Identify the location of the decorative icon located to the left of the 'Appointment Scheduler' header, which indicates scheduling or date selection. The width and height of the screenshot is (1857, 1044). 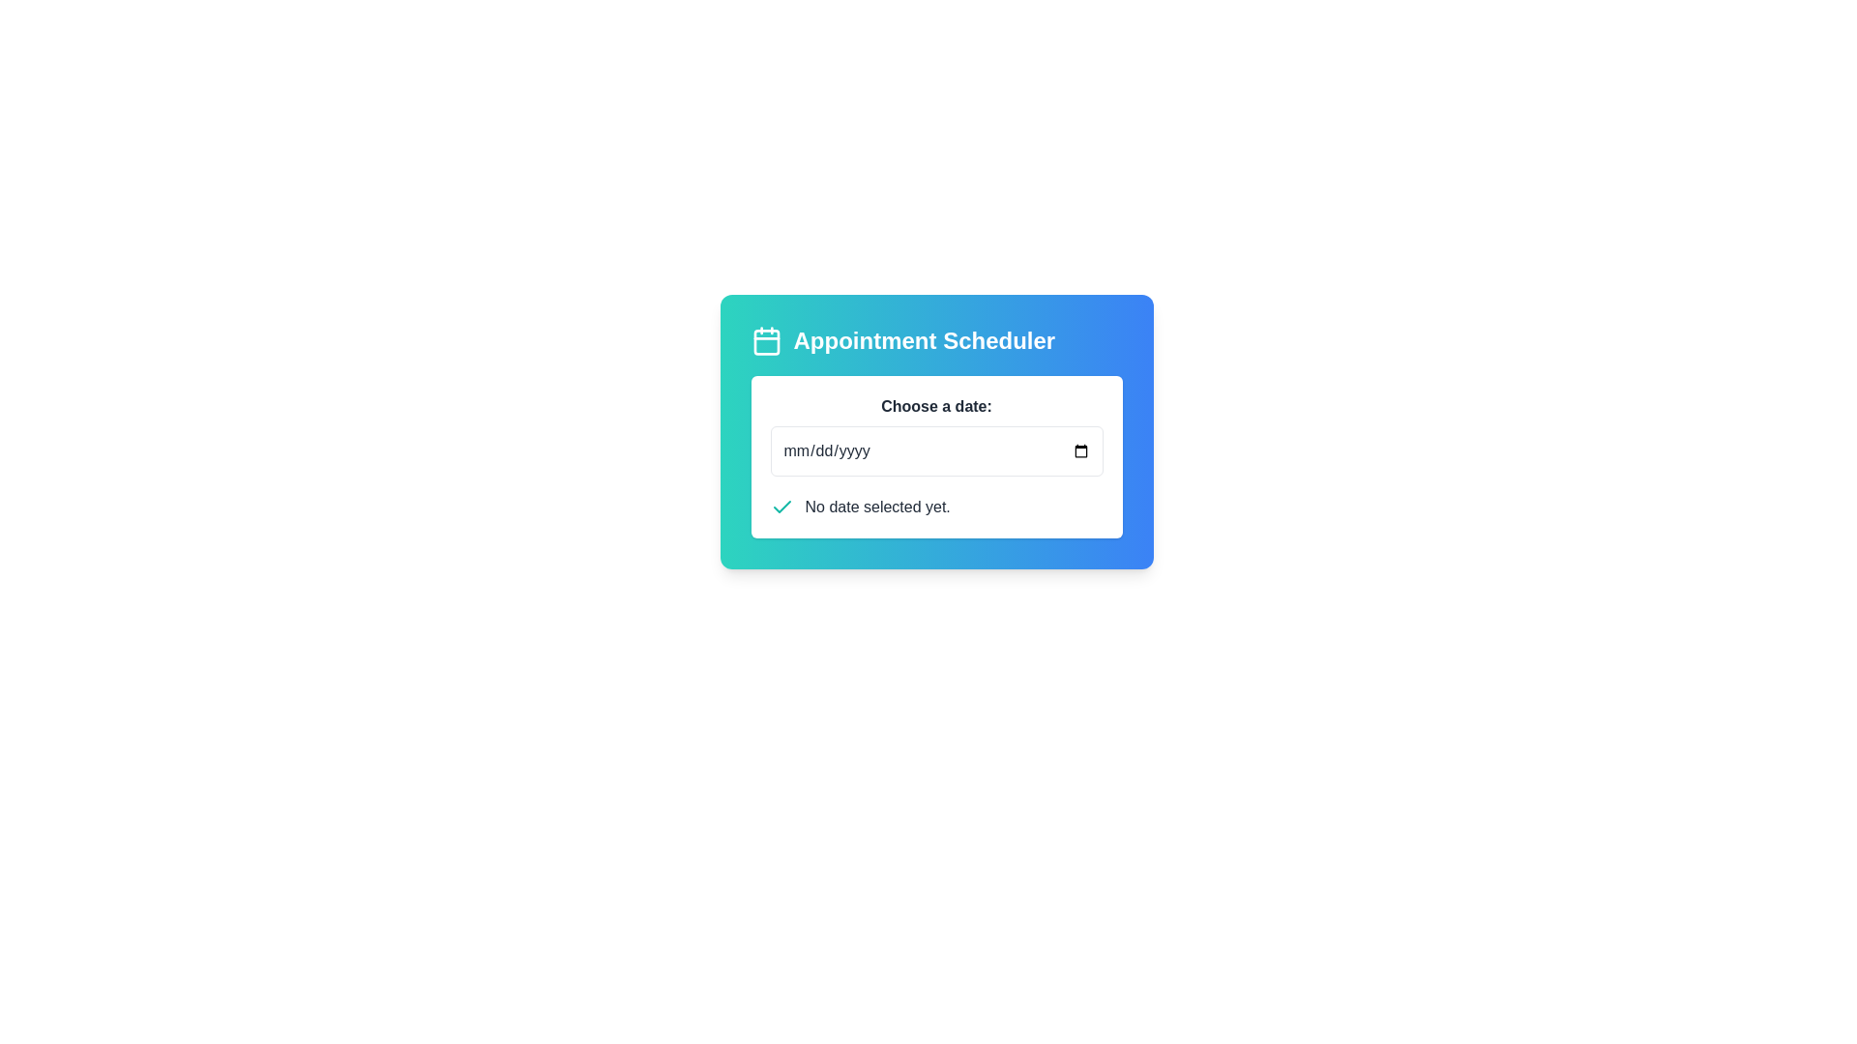
(765, 340).